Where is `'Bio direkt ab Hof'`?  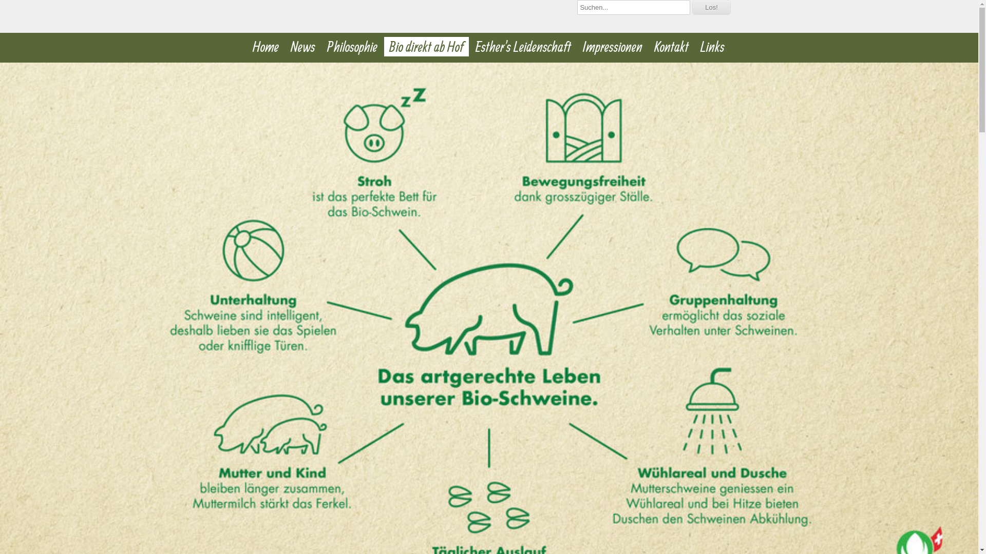 'Bio direkt ab Hof' is located at coordinates (384, 47).